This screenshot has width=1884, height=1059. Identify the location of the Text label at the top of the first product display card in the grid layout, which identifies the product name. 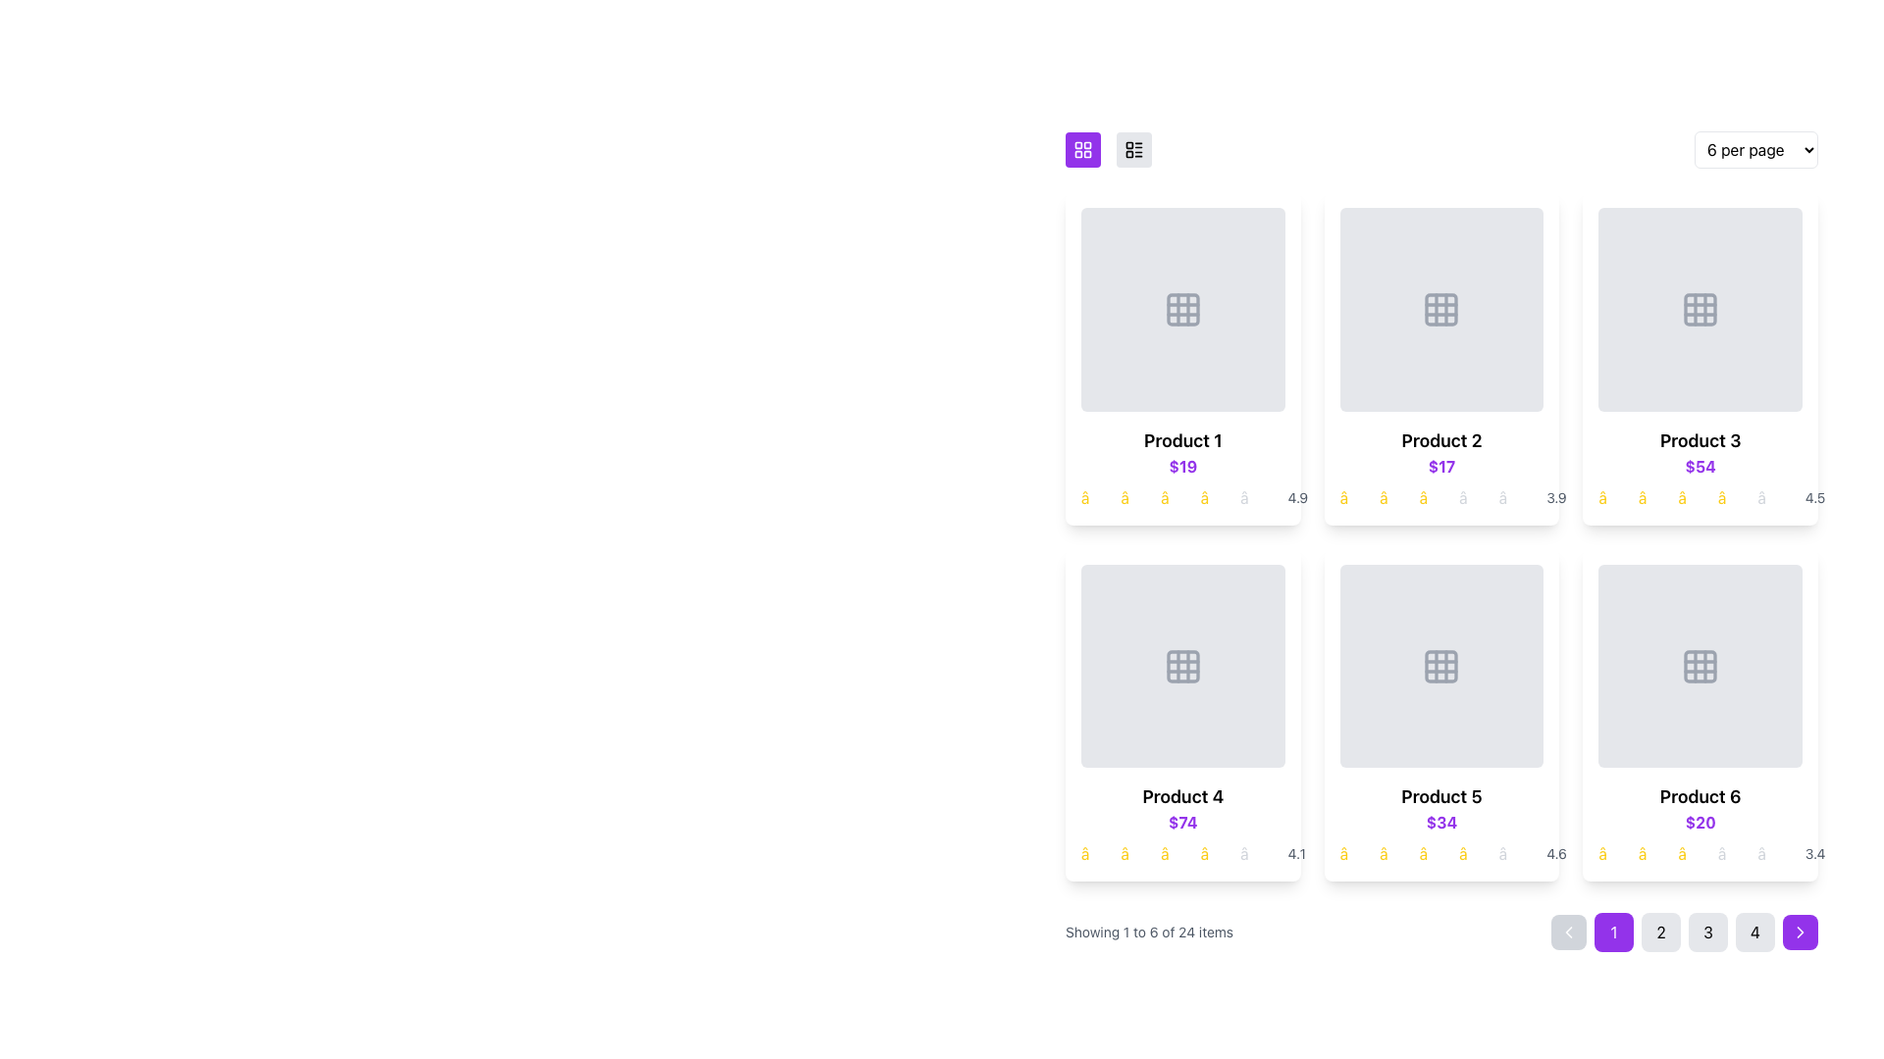
(1181, 439).